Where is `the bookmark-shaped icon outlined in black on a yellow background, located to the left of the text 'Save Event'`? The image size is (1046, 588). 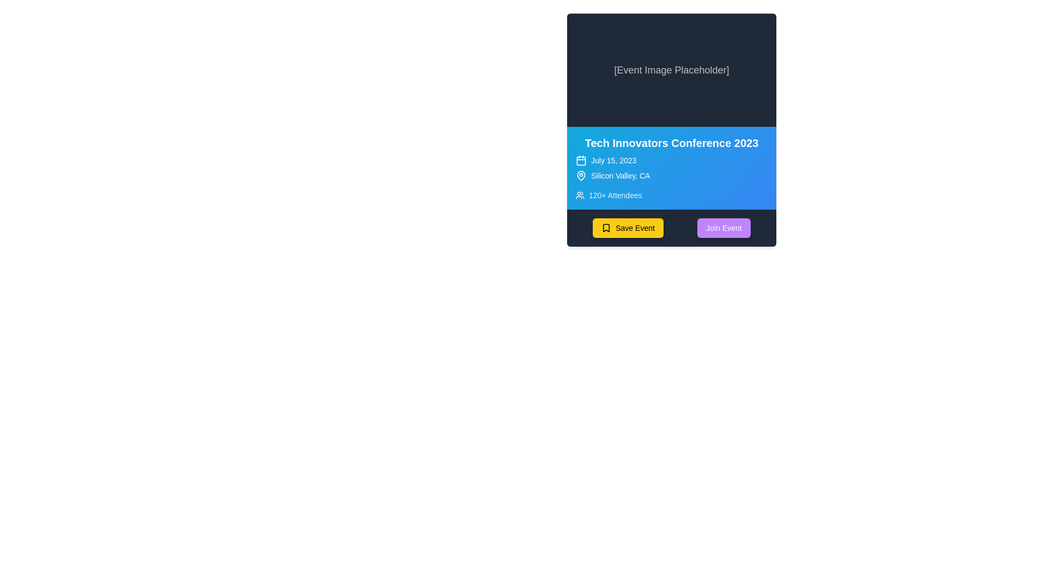 the bookmark-shaped icon outlined in black on a yellow background, located to the left of the text 'Save Event' is located at coordinates (606, 228).